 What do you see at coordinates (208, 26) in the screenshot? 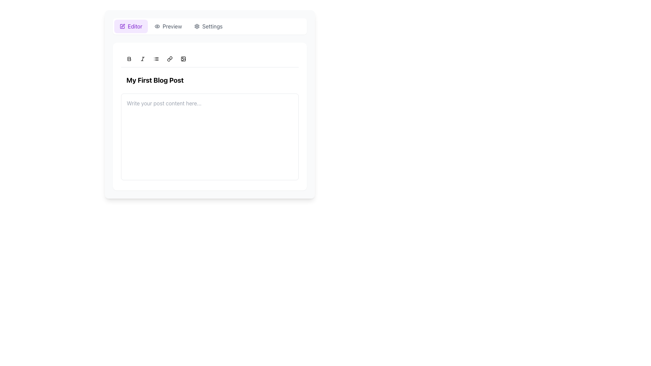
I see `the 'Settings' button, which features a gray cogwheel icon and neutral gray text, to observe the color change effect` at bounding box center [208, 26].